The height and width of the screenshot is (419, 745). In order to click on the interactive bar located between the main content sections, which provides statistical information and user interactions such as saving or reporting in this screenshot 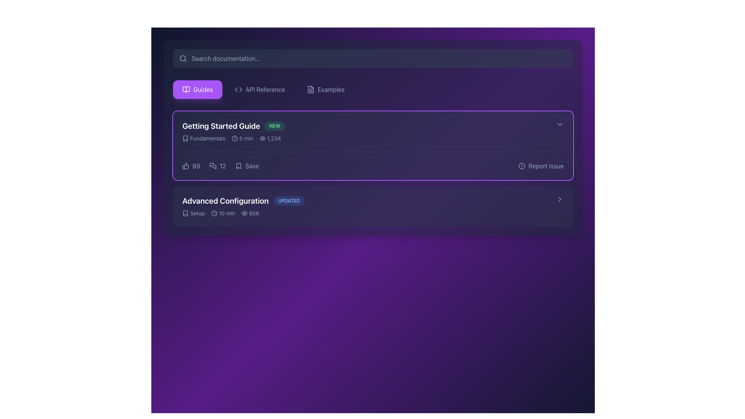, I will do `click(373, 166)`.